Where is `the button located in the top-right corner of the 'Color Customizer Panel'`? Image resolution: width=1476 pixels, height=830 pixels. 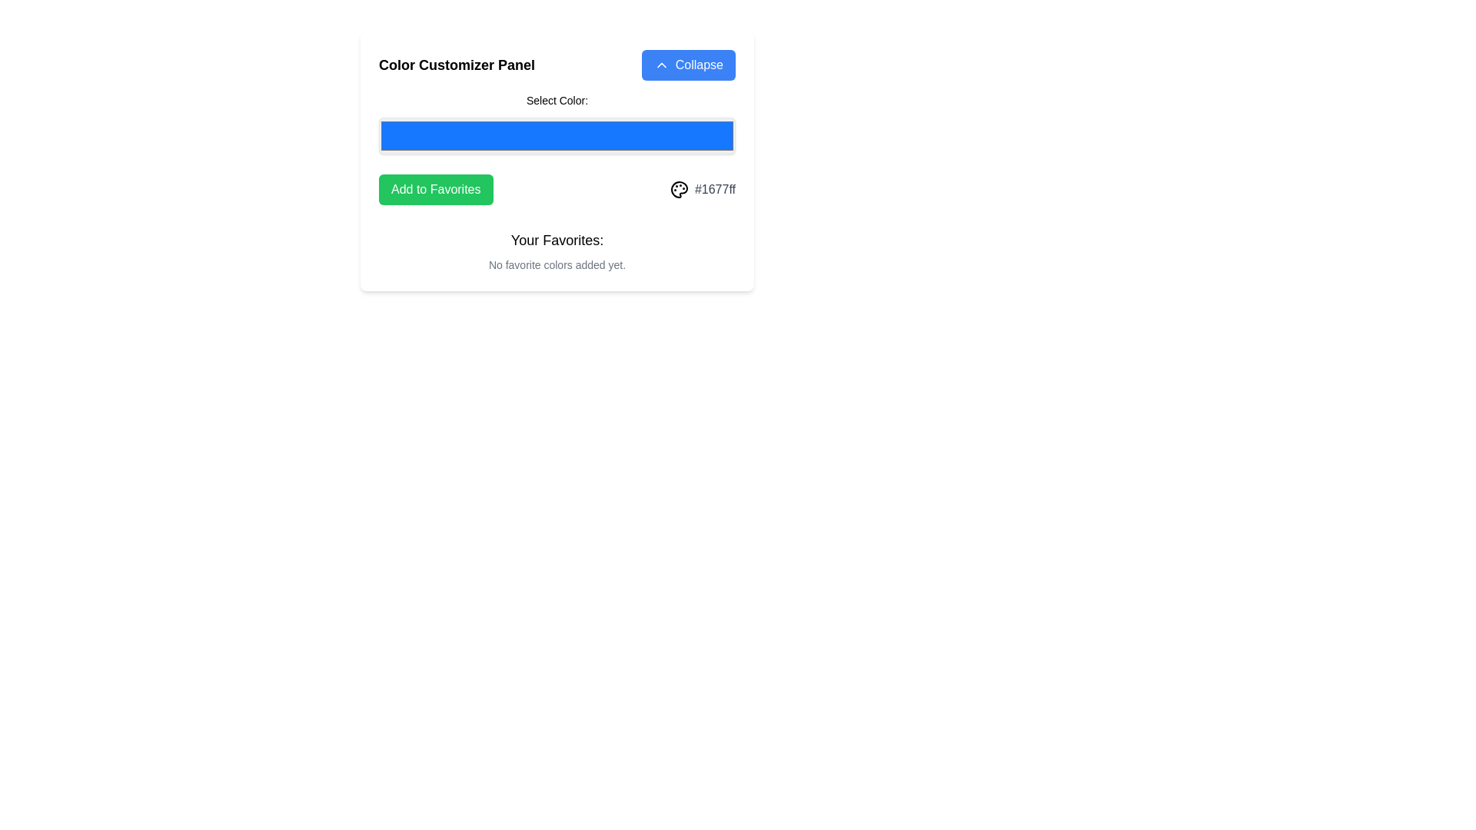 the button located in the top-right corner of the 'Color Customizer Panel' is located at coordinates (687, 64).